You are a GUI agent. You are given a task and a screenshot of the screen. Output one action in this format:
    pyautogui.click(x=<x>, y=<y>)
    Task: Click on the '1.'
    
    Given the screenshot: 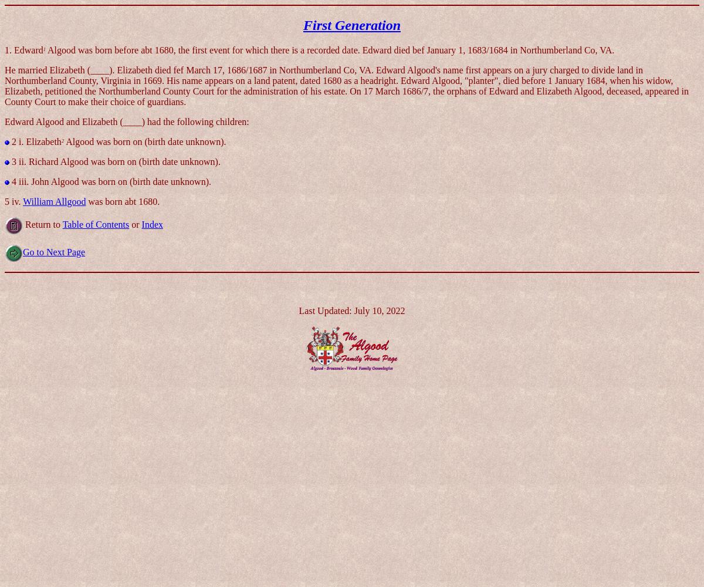 What is the action you would take?
    pyautogui.click(x=9, y=49)
    